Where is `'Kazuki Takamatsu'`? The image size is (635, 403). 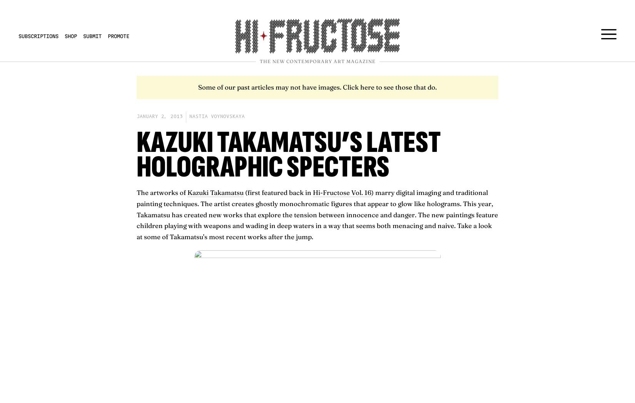
'Kazuki Takamatsu' is located at coordinates (187, 192).